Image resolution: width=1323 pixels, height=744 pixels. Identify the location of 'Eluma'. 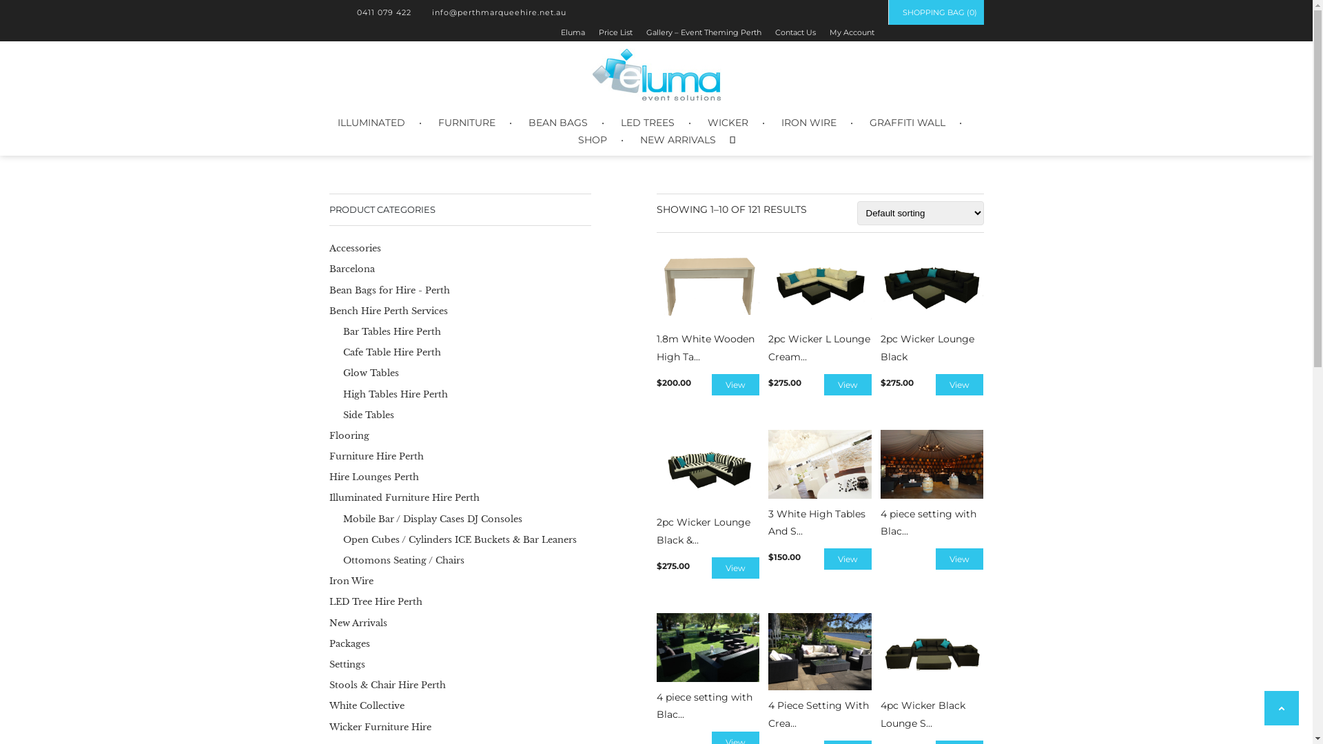
(573, 31).